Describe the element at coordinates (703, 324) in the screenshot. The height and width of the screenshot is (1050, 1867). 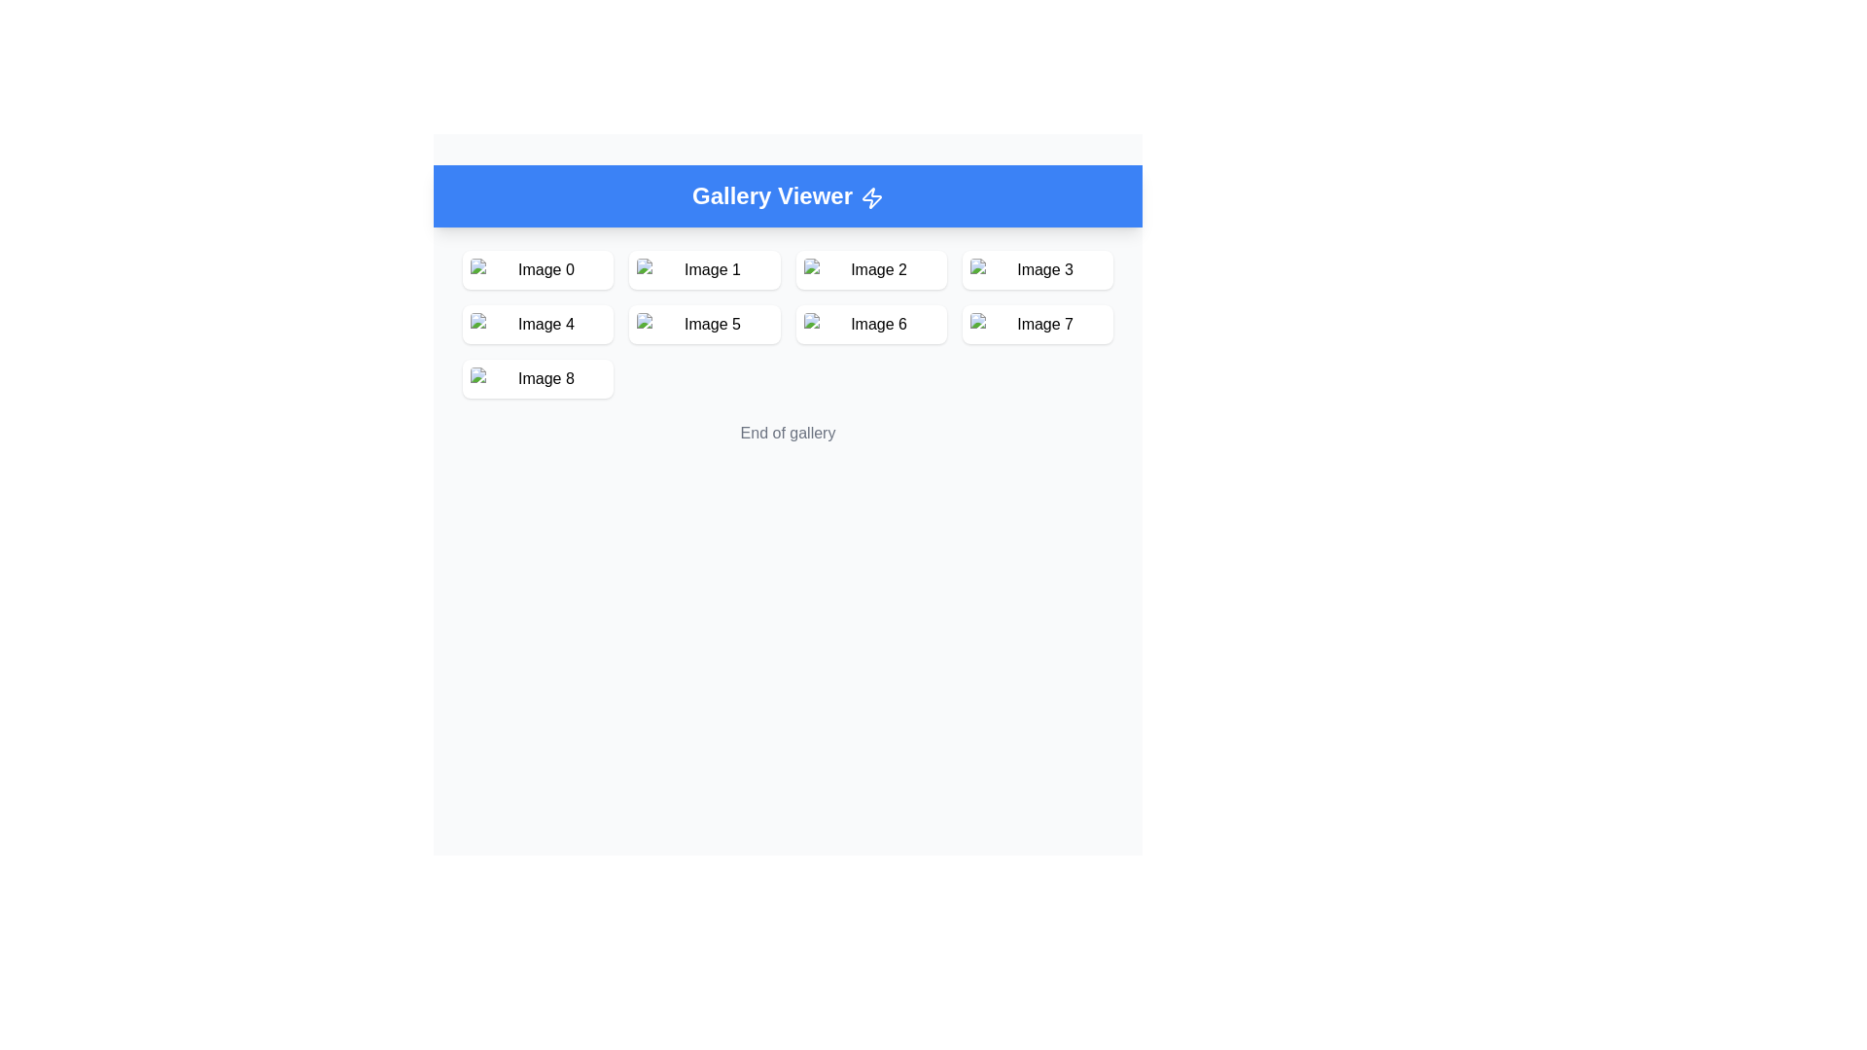
I see `the image placeholder with alternative text 'Image 5' located in the second row and second column of the grid layout` at that location.